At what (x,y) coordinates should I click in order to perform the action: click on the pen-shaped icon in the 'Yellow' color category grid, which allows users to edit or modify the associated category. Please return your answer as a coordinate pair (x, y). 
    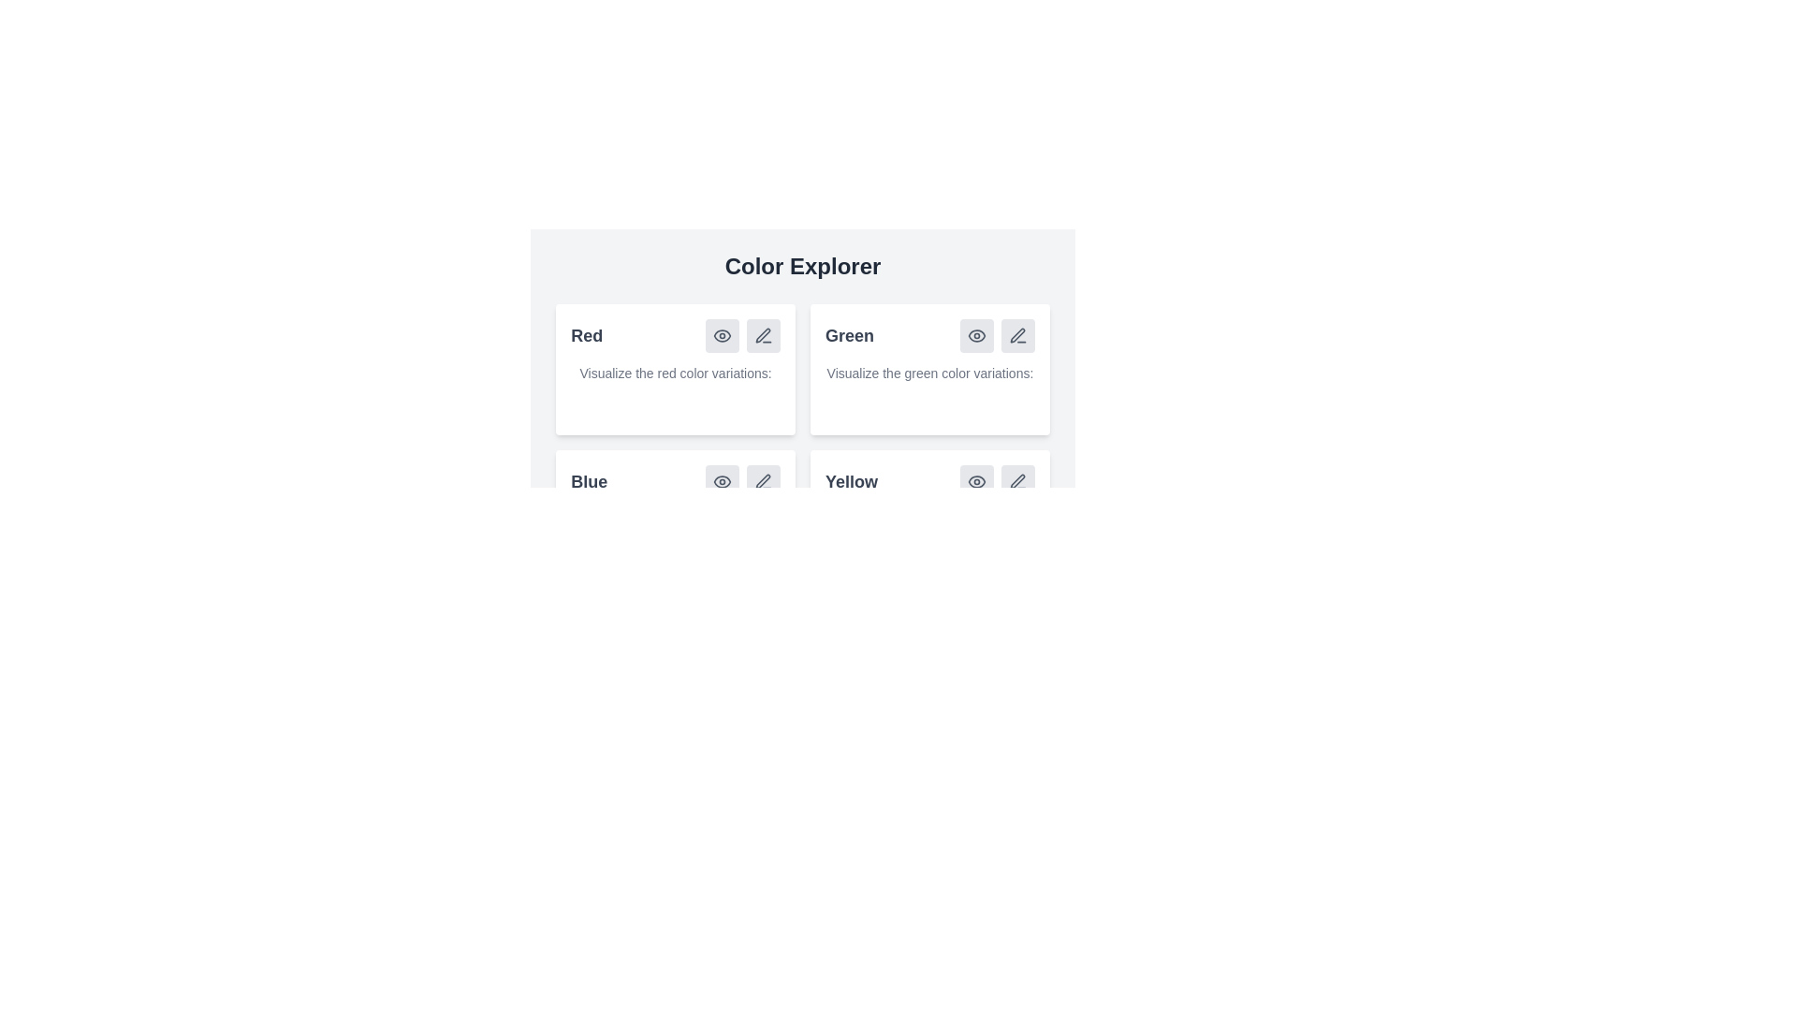
    Looking at the image, I should click on (1016, 481).